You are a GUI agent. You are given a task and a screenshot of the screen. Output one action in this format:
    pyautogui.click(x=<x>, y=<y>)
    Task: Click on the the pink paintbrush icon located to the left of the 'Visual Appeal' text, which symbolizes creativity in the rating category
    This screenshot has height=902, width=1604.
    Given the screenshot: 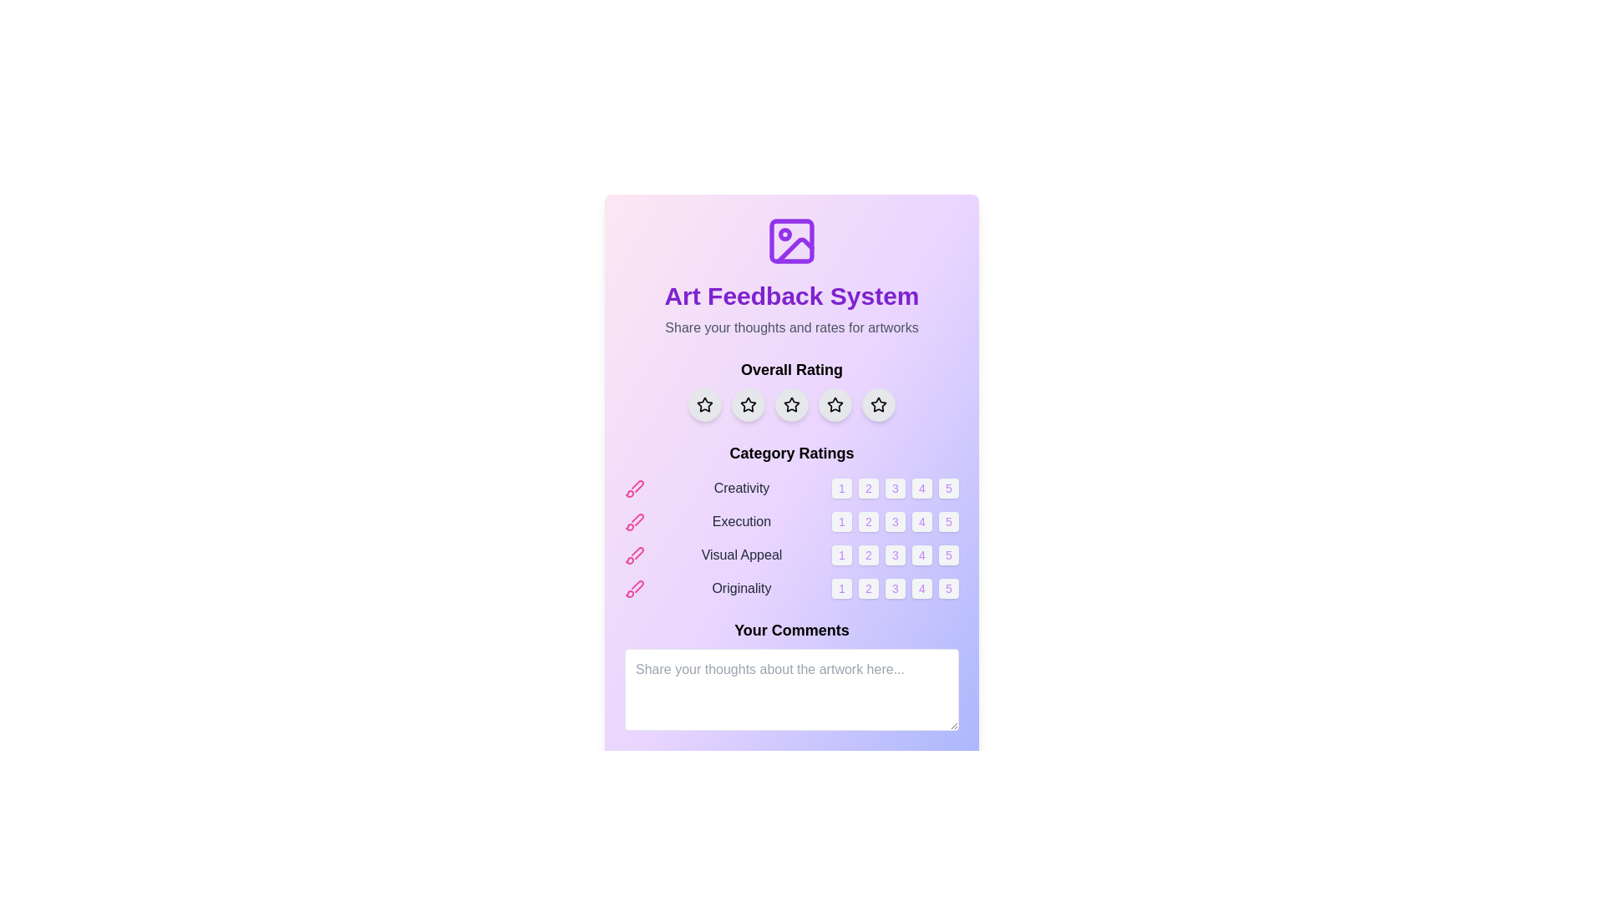 What is the action you would take?
    pyautogui.click(x=633, y=555)
    